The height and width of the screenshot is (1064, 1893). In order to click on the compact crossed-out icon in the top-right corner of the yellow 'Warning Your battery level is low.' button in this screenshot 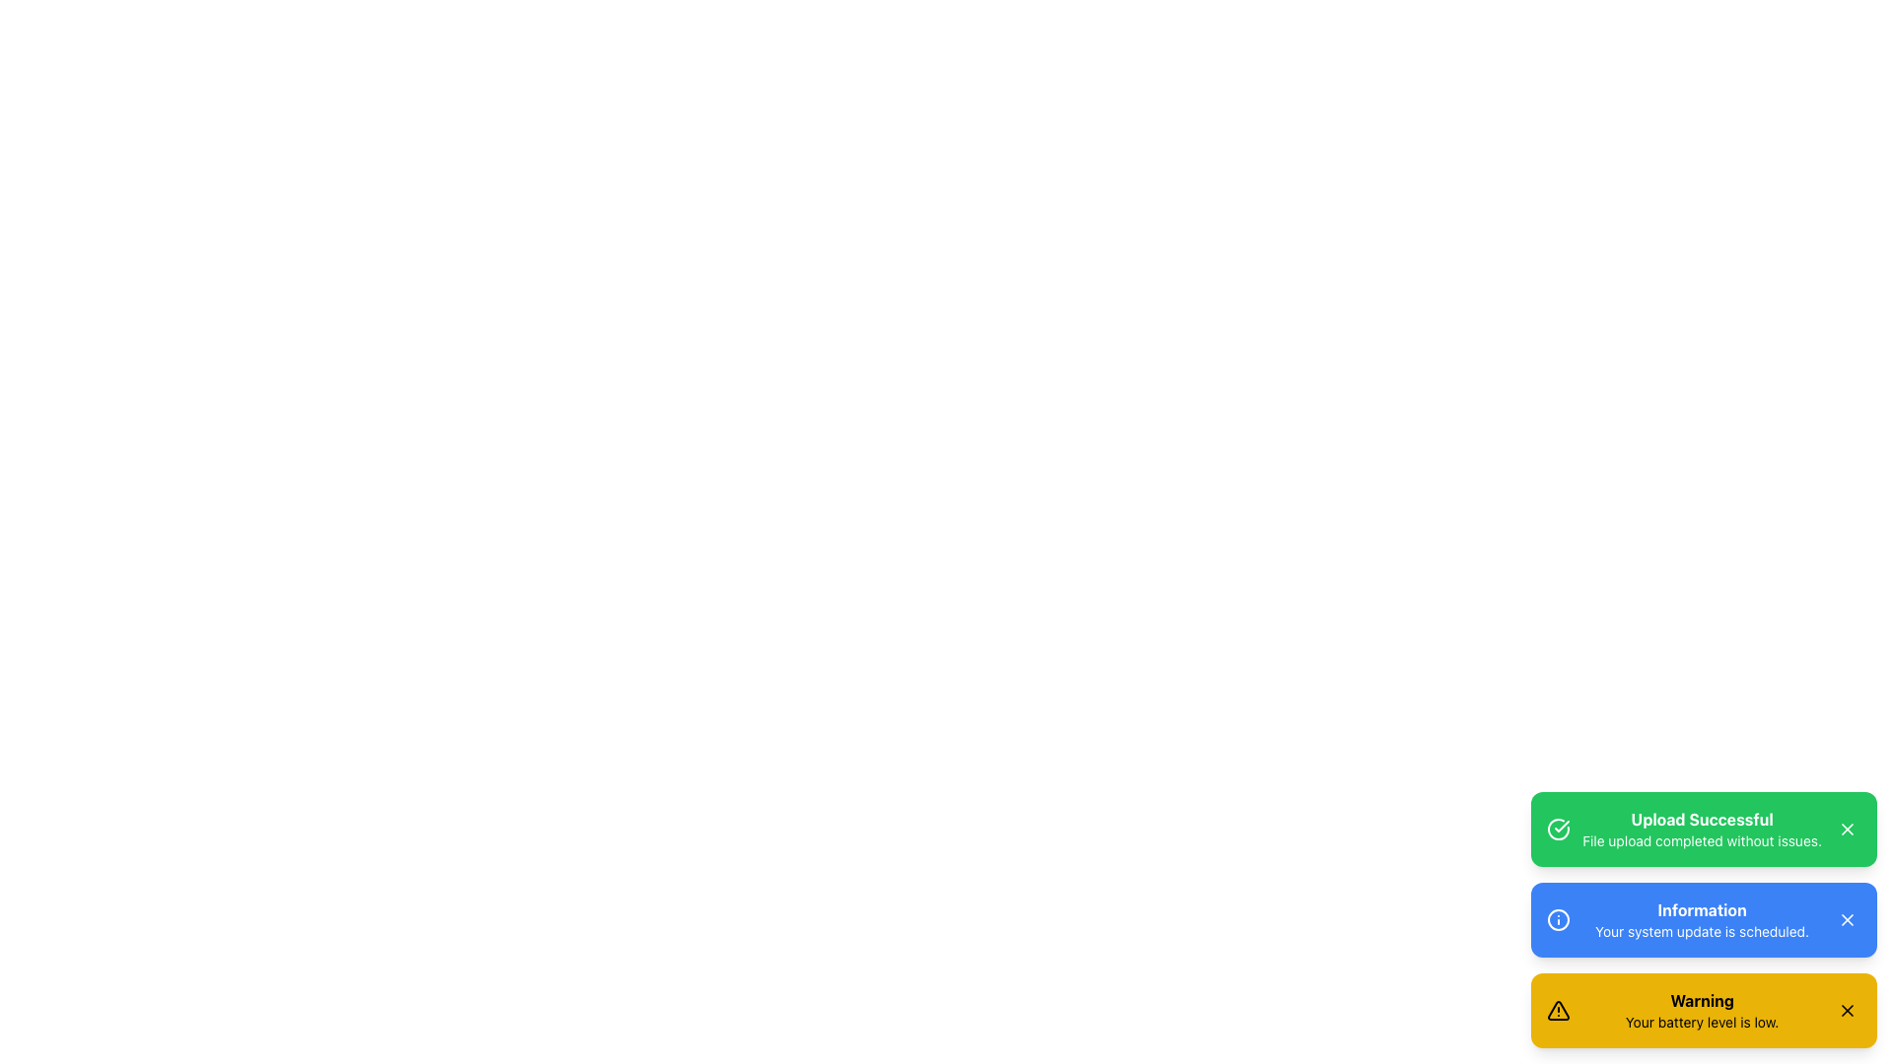, I will do `click(1846, 1011)`.